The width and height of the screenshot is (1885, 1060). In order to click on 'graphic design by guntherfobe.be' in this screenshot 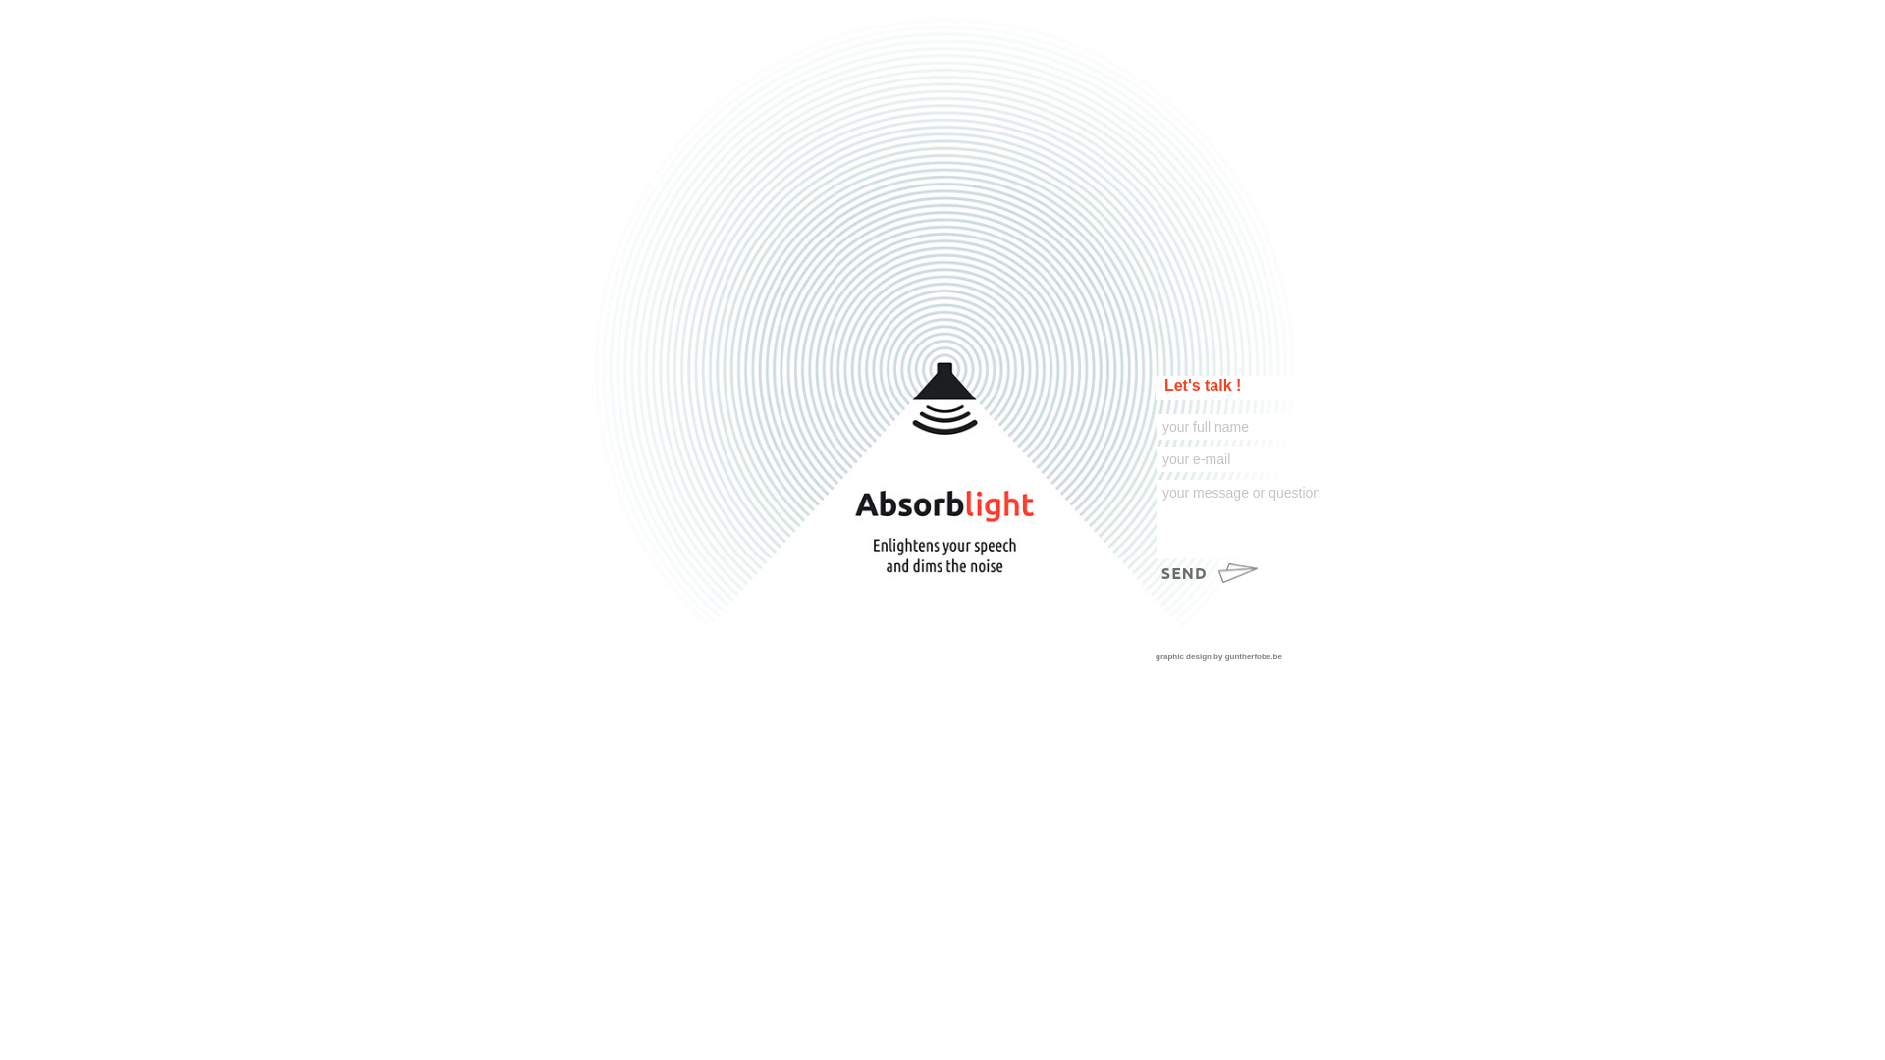, I will do `click(1246, 656)`.